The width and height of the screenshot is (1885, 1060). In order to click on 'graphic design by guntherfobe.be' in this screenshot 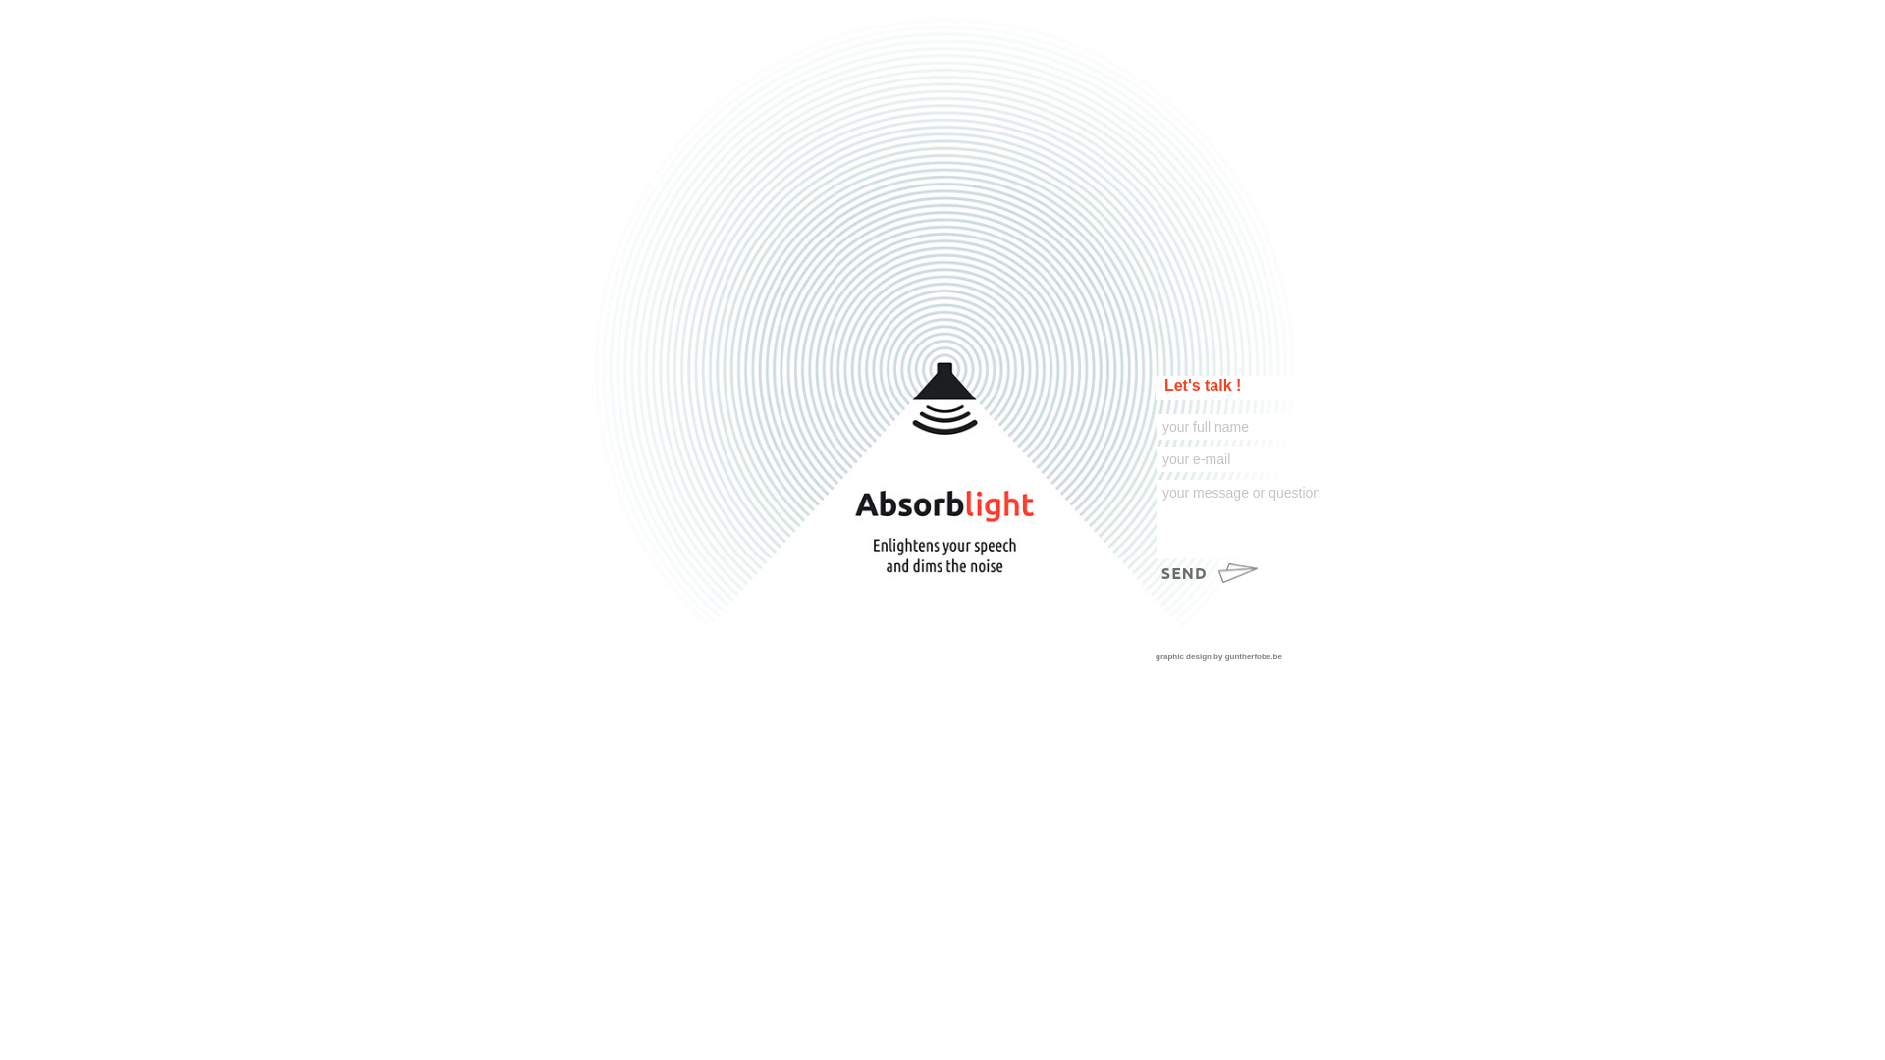, I will do `click(1246, 656)`.